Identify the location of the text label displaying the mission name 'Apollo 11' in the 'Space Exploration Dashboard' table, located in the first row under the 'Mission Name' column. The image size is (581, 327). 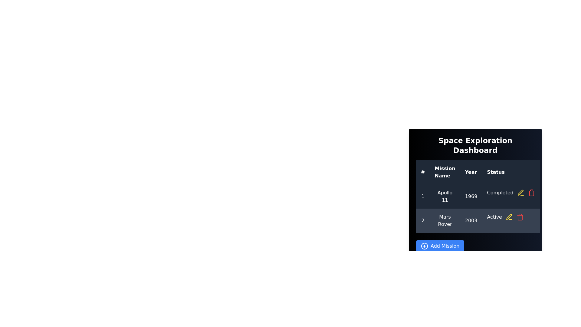
(445, 196).